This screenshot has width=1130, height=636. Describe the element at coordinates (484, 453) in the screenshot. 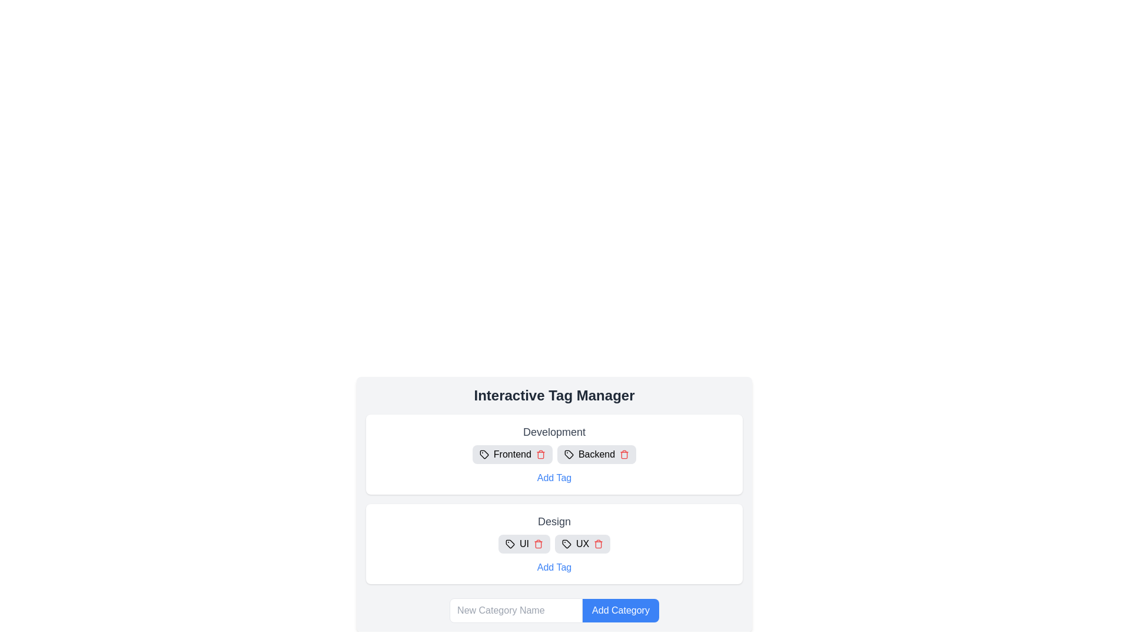

I see `the small SVG graphic tag icon representing 'Frontend' within the 'Interactive Tag Manager' interface, which is positioned to the left of the 'Frontend' text` at that location.